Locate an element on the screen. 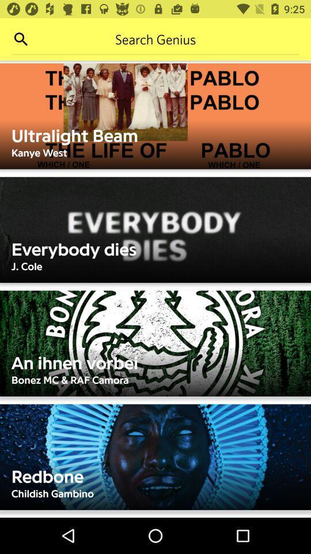  the search icon is located at coordinates (21, 39).